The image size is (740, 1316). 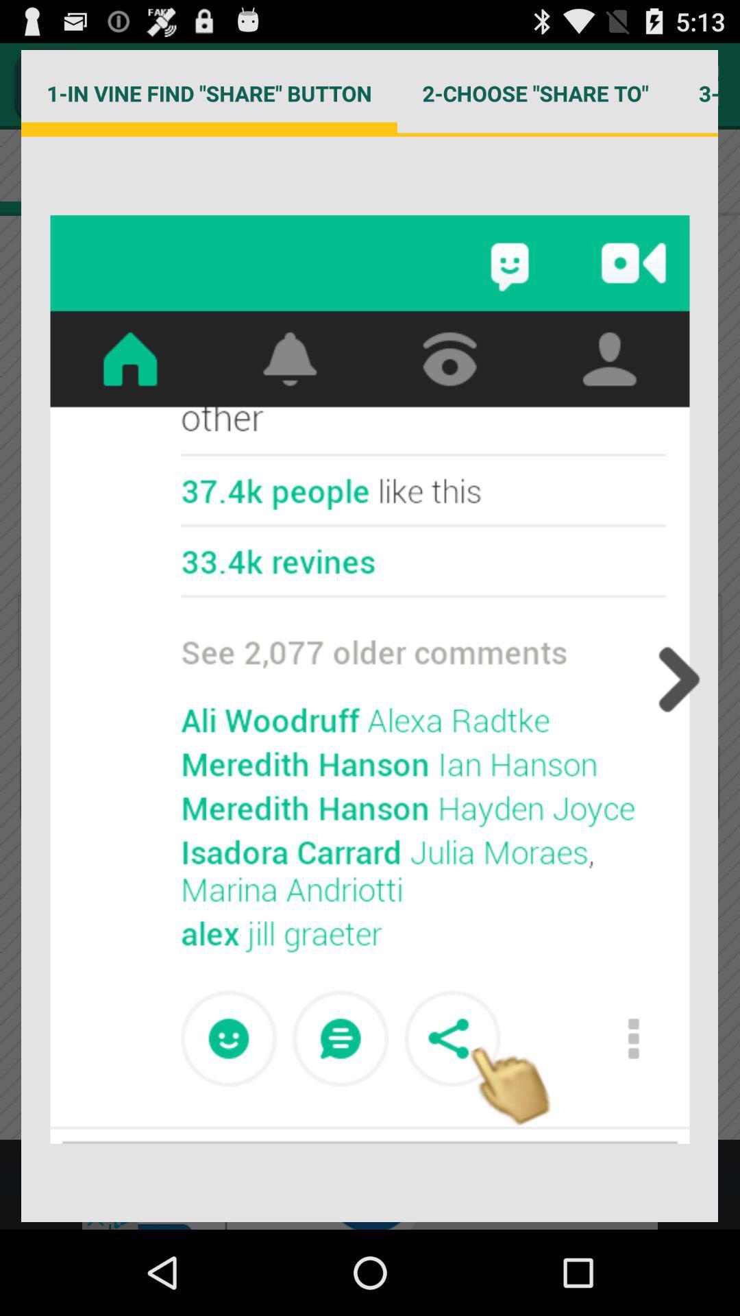 What do you see at coordinates (209, 93) in the screenshot?
I see `the app next to the 2 choose share` at bounding box center [209, 93].